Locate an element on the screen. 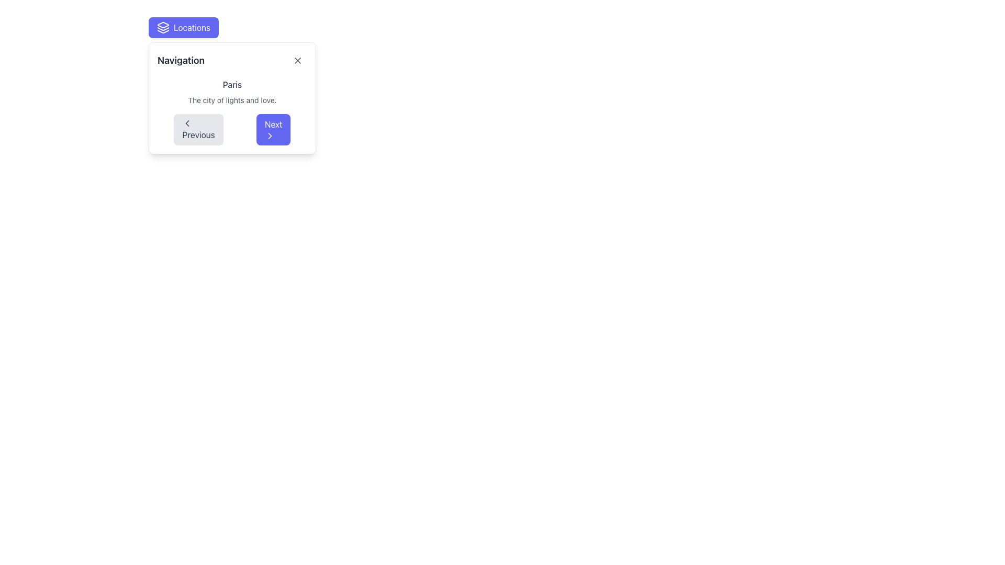 This screenshot has height=565, width=1005. the chevron right SVG icon located inside the 'Next' button in the Navigation panel is located at coordinates (270, 135).